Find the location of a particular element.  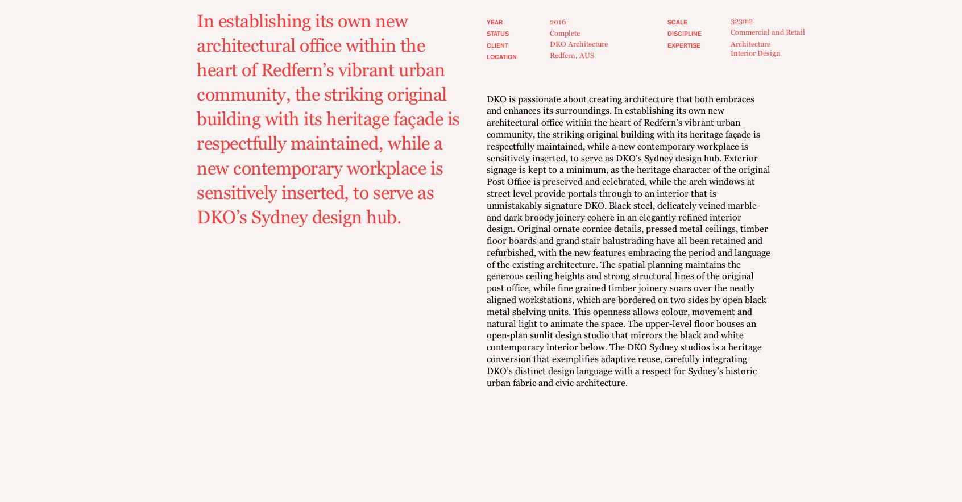

'DKO is passionate about creating architecture that both embraces and enhances its surroundings. In establishing its own new architectural office within the heart of Redfern’s vibrant urban community, the striking original building with its heritage façade is respectfully maintained, while a new contemporary workplace is sensitively inserted, to serve as DKO’s Sydney design hub. Exterior signage is kept to a minimum, as the heritage character of the original Post Office is preserved and celebrated, while the arch windows at street level provide portals through to an interior that is unmistakably signature DKO. Black steel, delicately veined marble and dark broody joinery cohere in an elegantly refined interior design. Original ornate cornice details, pressed metal ceilings, timber floor boards and grand stair balustrading have all been retained and refurbished, with the new features embracing the period and language of the existing architecture. The spatial planning maintains the generous ceiling heights and strong structural lines of the original post office, while fine grained timber joinery soars over the neatly aligned workstations, which are bordered on two sides by open black metal shelving units. This openness allows colour, movement and natural light to animate the space. The upper-level floor houses an open-plan sunlit design studio that mirrors the black and white contemporary interior below. The DKO Sydney studios is a heritage conversion that exemplifies adaptive reuse, carefully integrating DKO’s distinct design language with a respect for Sydney’s historic urban fabric and civic architecture.' is located at coordinates (628, 240).